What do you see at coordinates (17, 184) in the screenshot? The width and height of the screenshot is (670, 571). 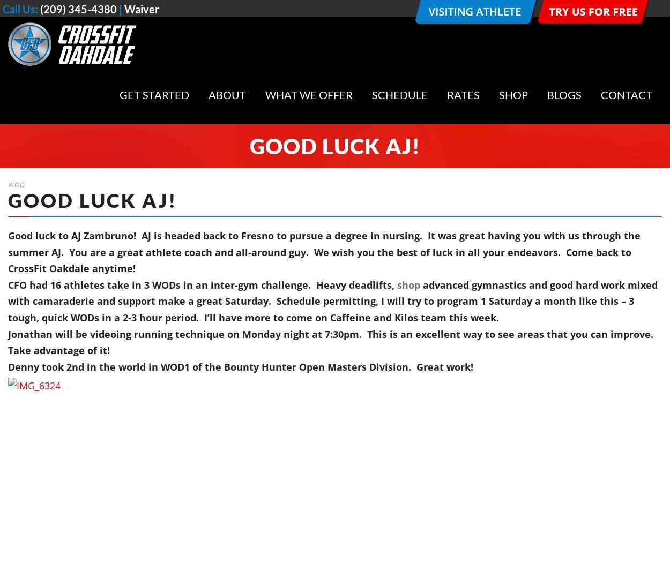 I see `'WOD'` at bounding box center [17, 184].